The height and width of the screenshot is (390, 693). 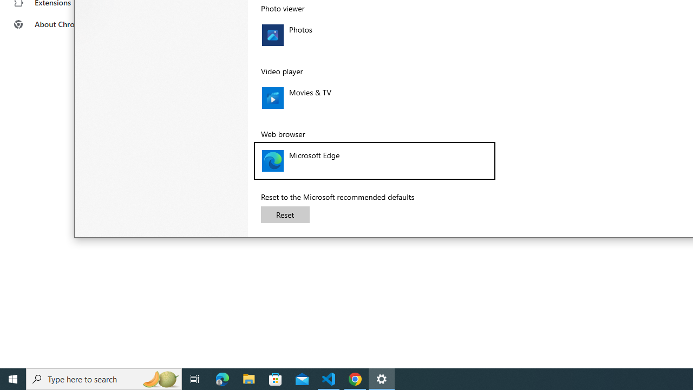 I want to click on 'Start', so click(x=13, y=378).